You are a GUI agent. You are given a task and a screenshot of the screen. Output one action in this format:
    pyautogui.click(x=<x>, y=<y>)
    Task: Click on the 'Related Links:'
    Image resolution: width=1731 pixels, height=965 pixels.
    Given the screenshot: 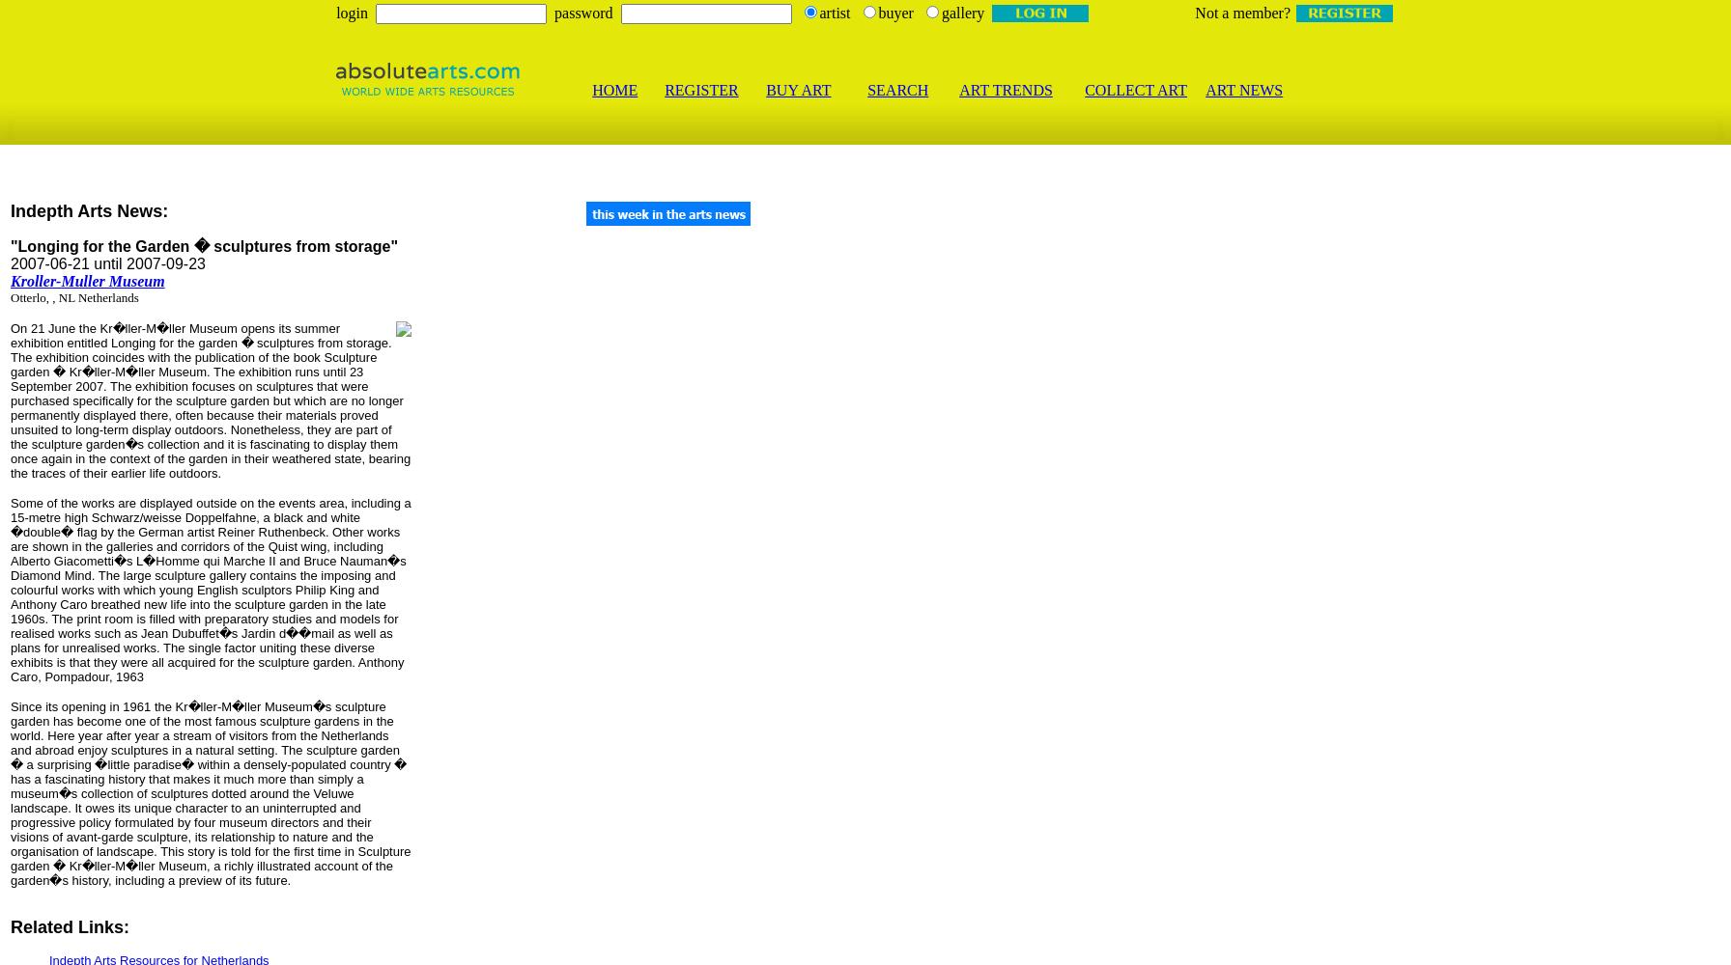 What is the action you would take?
    pyautogui.click(x=70, y=926)
    